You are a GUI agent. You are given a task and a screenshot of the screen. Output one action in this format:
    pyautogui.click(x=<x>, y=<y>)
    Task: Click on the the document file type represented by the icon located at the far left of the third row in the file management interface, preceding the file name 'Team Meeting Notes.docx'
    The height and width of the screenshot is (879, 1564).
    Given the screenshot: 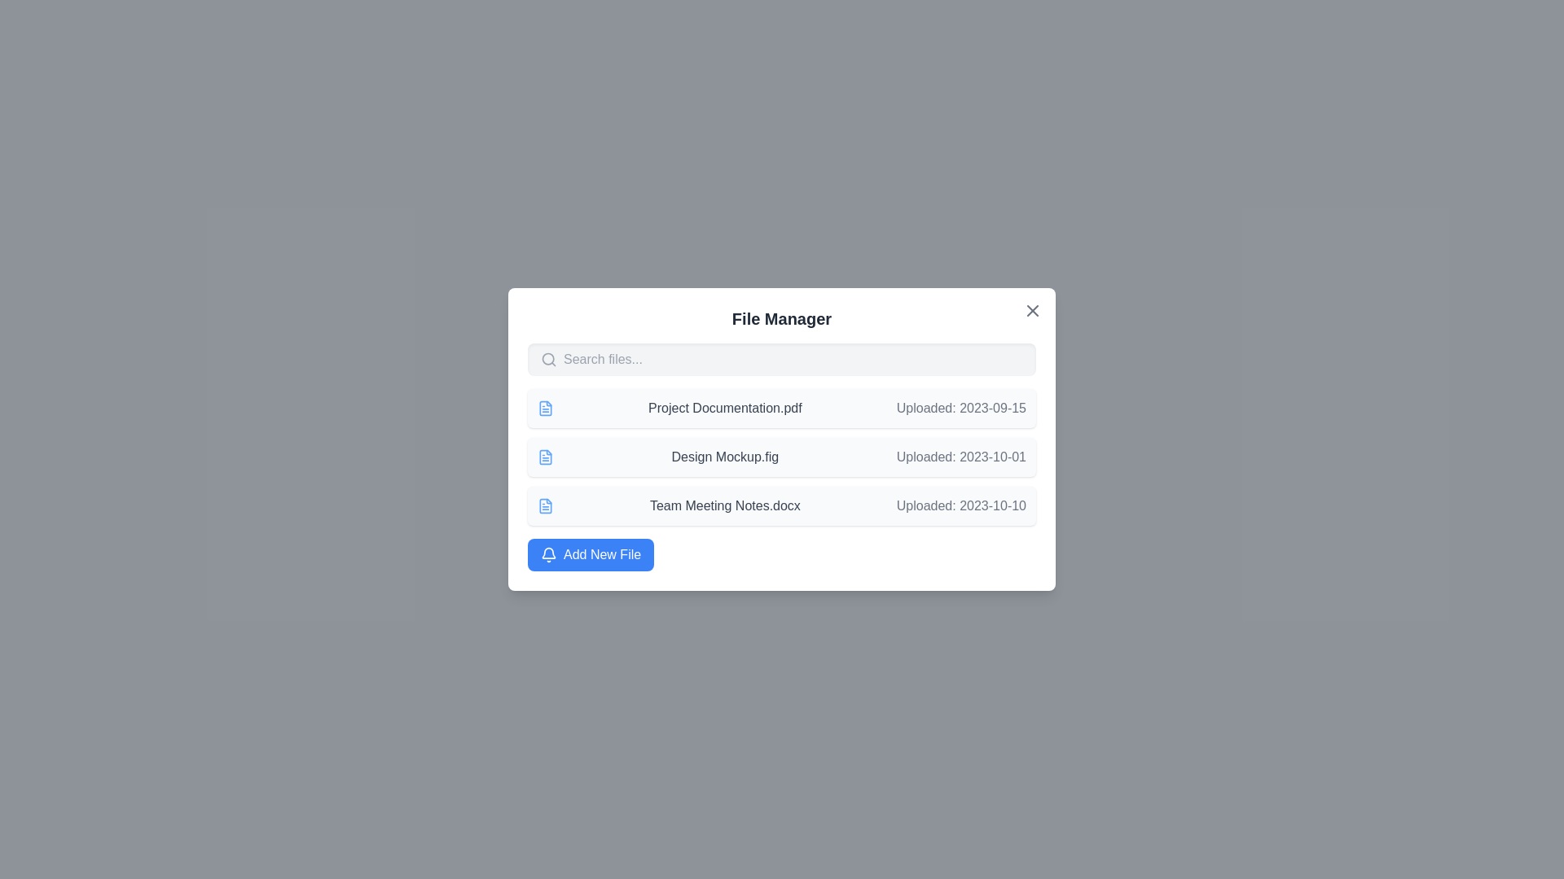 What is the action you would take?
    pyautogui.click(x=546, y=505)
    